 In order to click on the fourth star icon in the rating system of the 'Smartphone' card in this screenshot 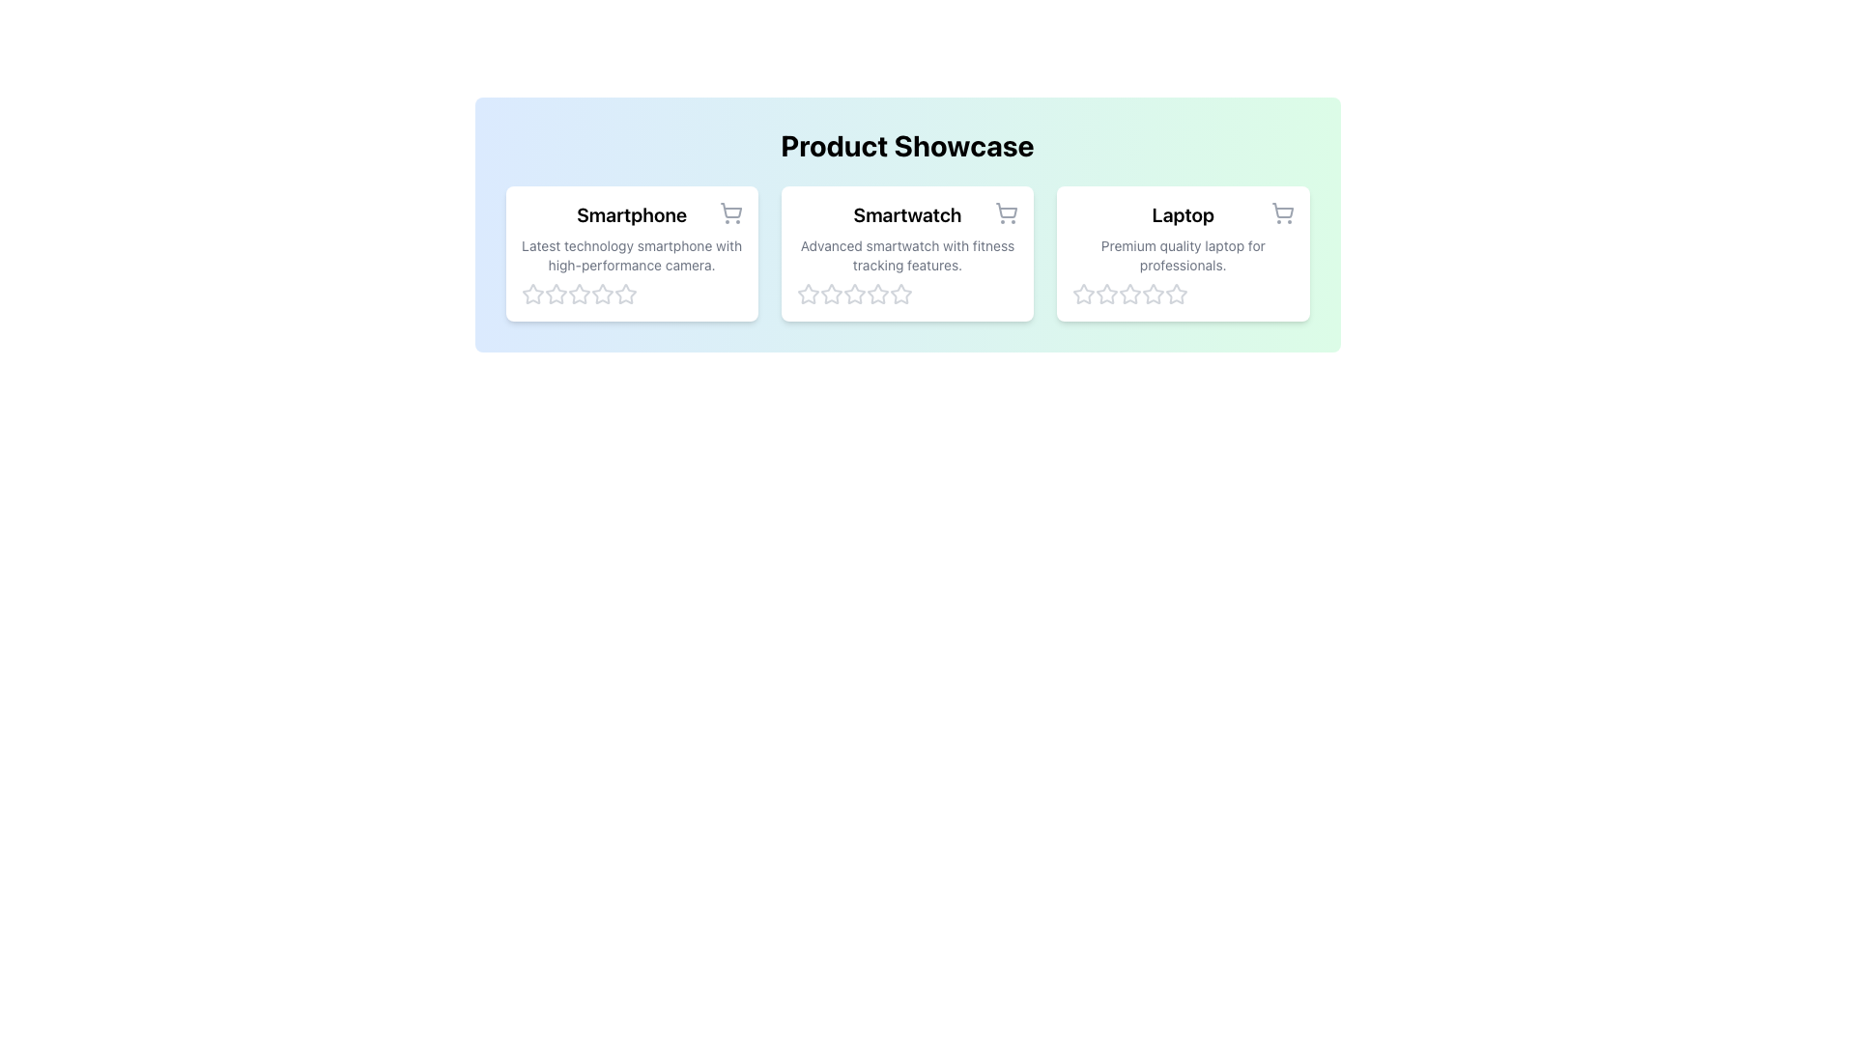, I will do `click(601, 294)`.